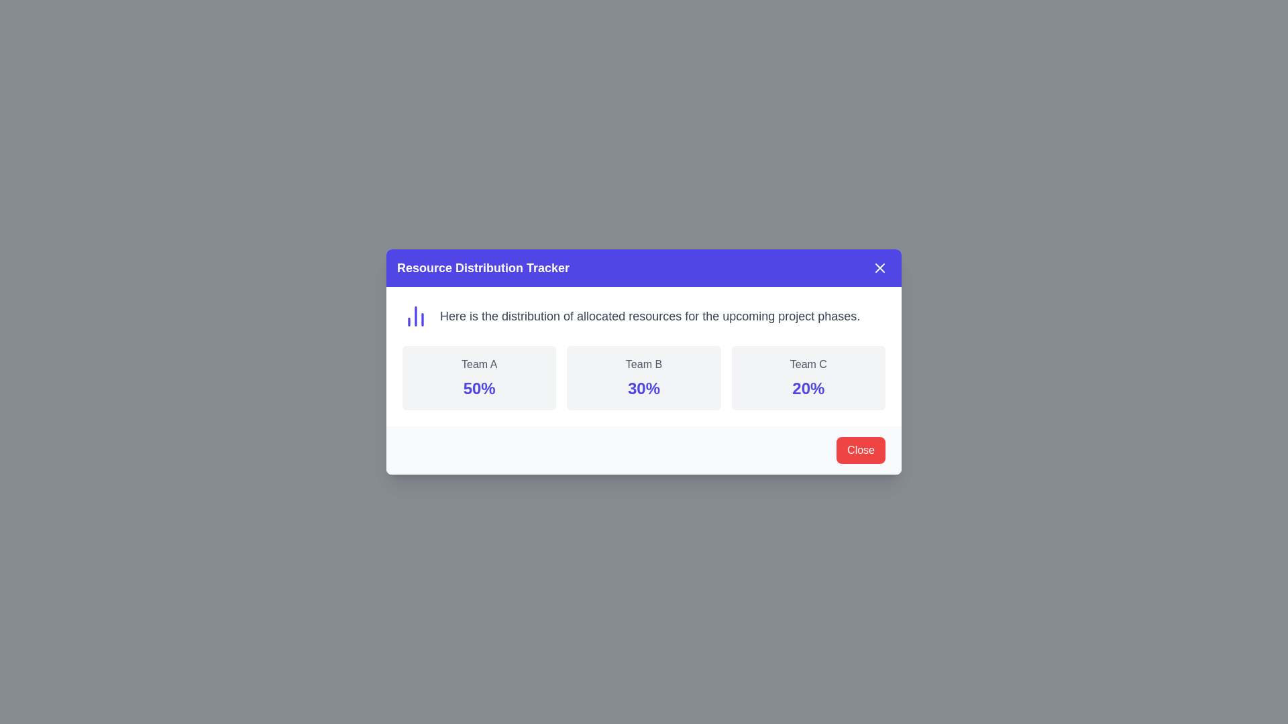  What do you see at coordinates (808, 364) in the screenshot?
I see `the Text Label displaying 'Team C', which serves as a title in a light-gray rounded rectangle grouping, positioned above '20%'` at bounding box center [808, 364].